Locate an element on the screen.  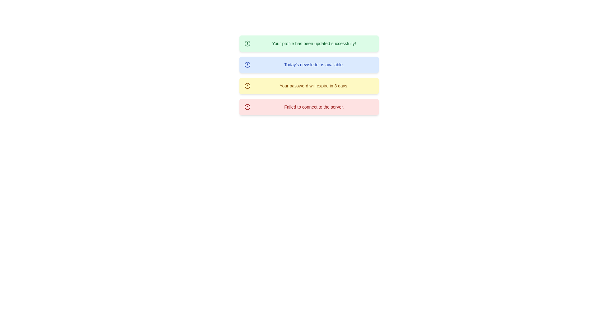
the circular green outlined icon with an exclamation mark in the center, located to the left of the notification box displaying 'Your profile has been updated successfully!' is located at coordinates (247, 43).